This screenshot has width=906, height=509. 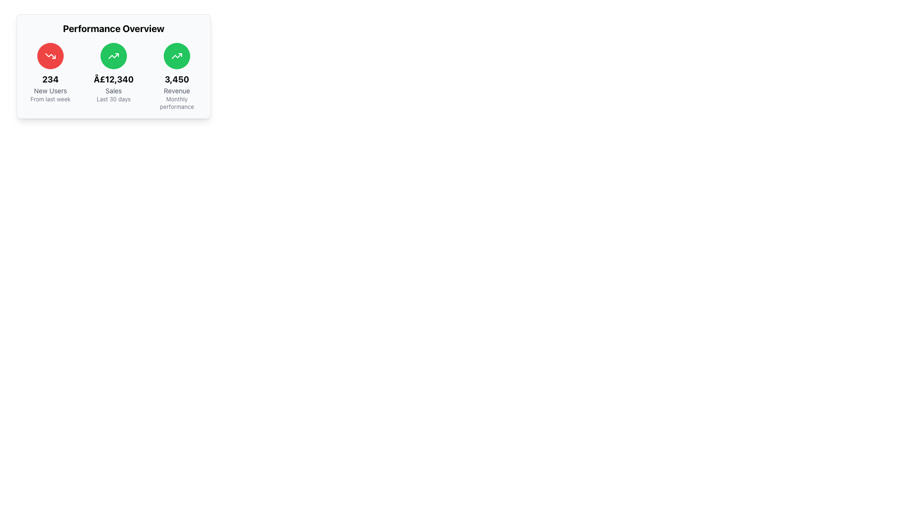 I want to click on the total sales revenue display element, so click(x=113, y=79).